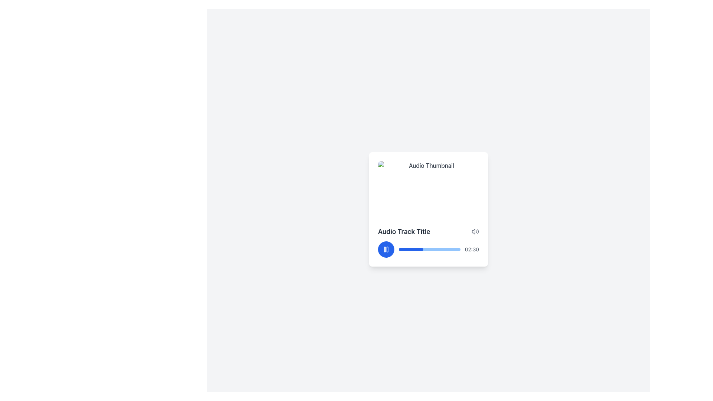  Describe the element at coordinates (443, 249) in the screenshot. I see `audio track progress` at that location.